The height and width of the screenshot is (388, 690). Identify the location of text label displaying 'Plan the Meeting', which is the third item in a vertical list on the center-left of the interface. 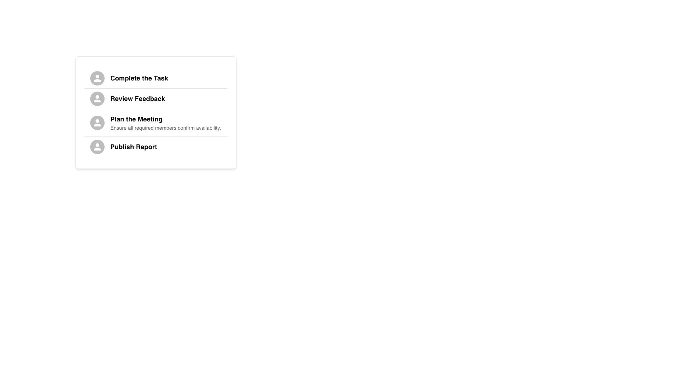
(136, 119).